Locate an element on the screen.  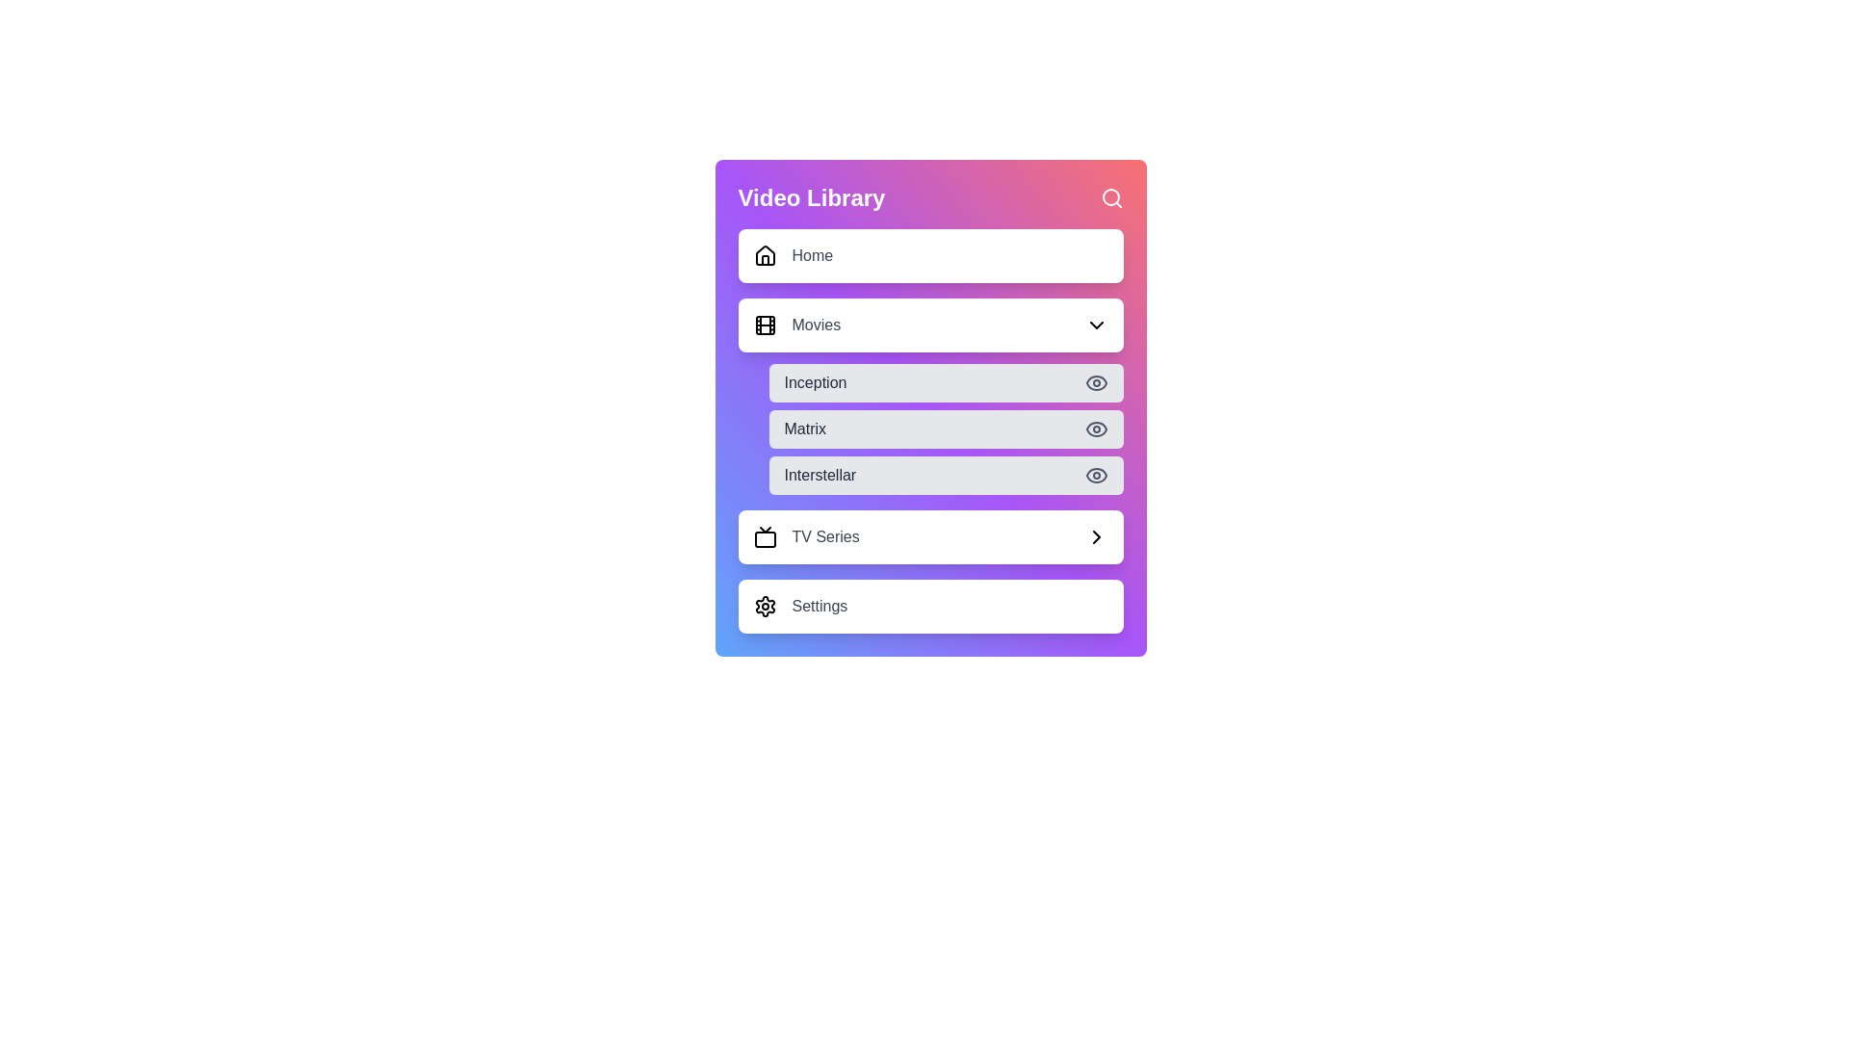
the movie film frame icon located to the left of the 'Movies' text in the 'Video Library' interface is located at coordinates (764, 325).